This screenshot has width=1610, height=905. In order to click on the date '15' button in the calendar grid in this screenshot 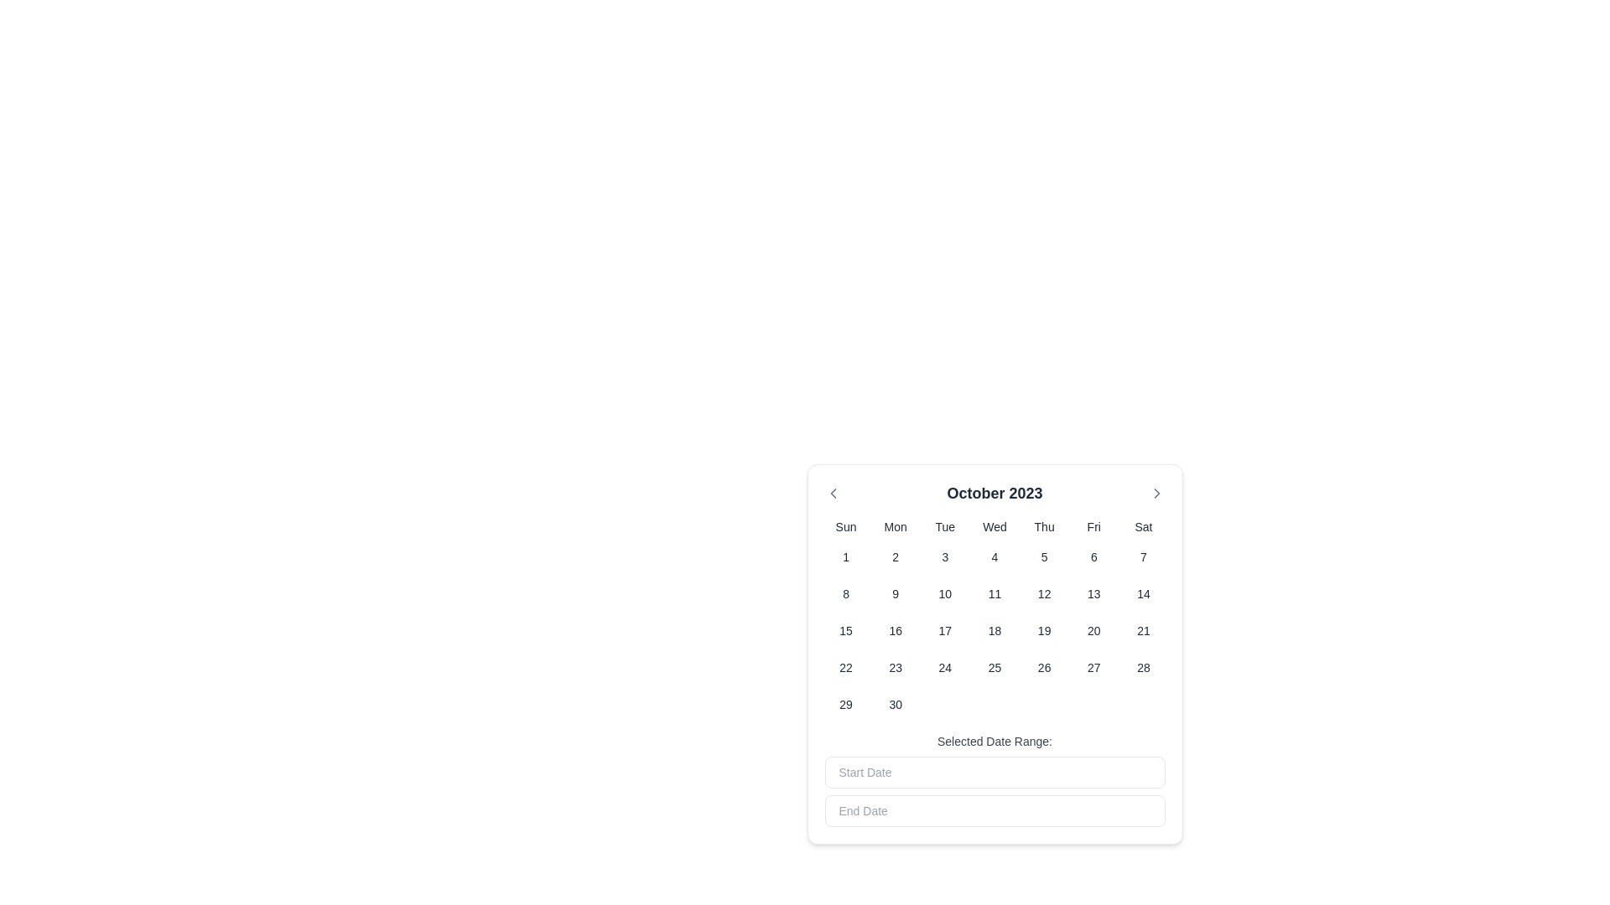, I will do `click(846, 630)`.